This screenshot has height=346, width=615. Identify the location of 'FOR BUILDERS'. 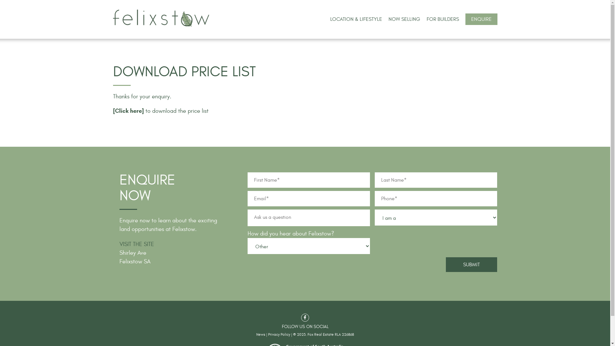
(426, 19).